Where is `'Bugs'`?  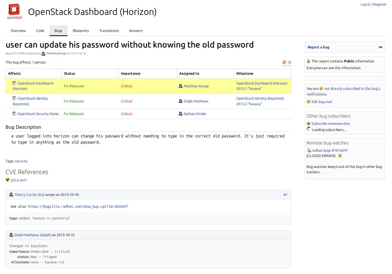
'Bugs' is located at coordinates (58, 30).